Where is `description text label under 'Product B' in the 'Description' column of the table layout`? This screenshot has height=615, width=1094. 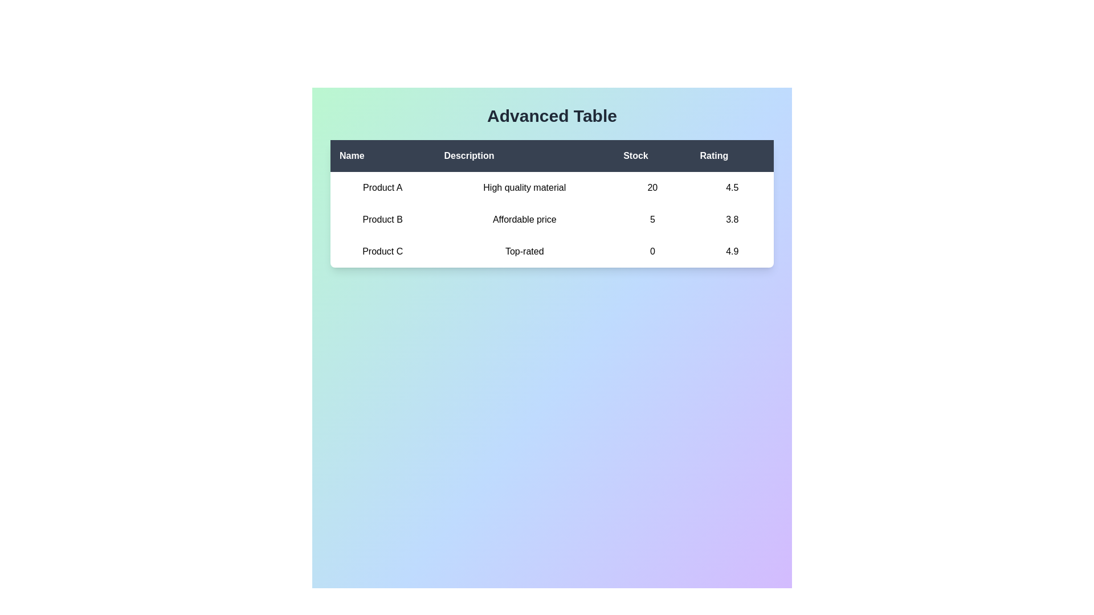
description text label under 'Product B' in the 'Description' column of the table layout is located at coordinates (524, 219).